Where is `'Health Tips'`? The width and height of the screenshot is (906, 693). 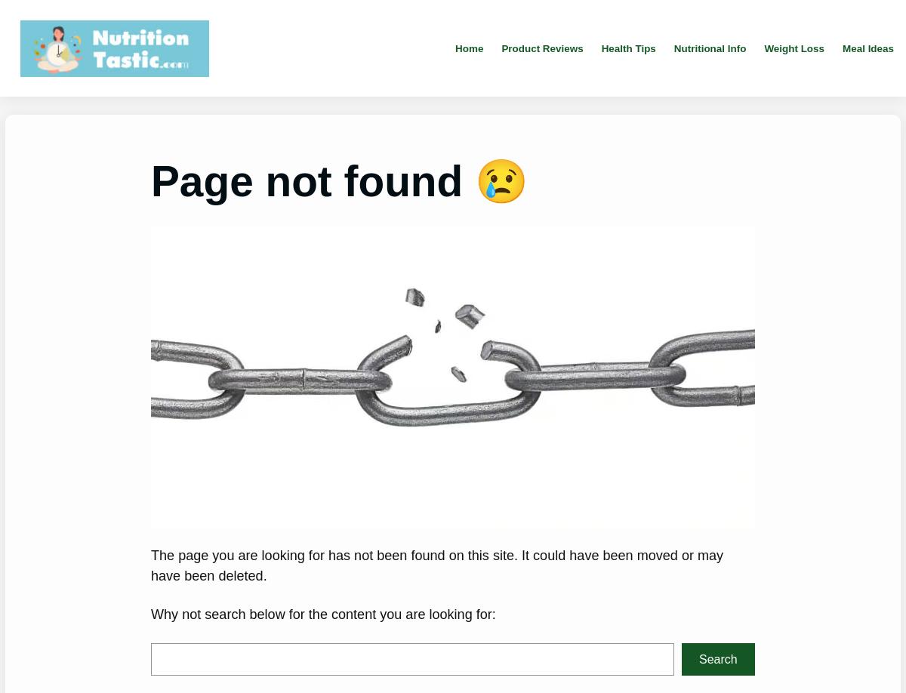
'Health Tips' is located at coordinates (627, 48).